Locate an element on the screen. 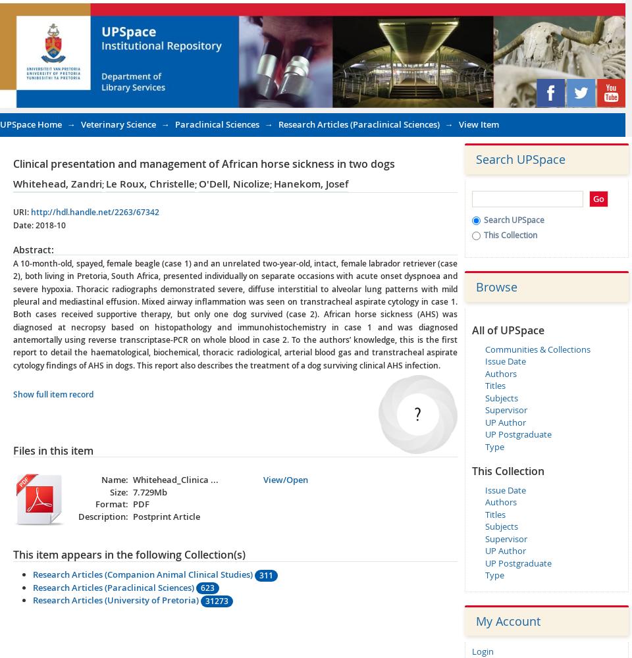 This screenshot has width=632, height=658. 'Date:' is located at coordinates (22, 224).